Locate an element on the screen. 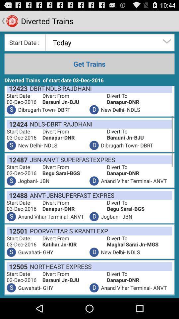  the item below   d item is located at coordinates (71, 159).